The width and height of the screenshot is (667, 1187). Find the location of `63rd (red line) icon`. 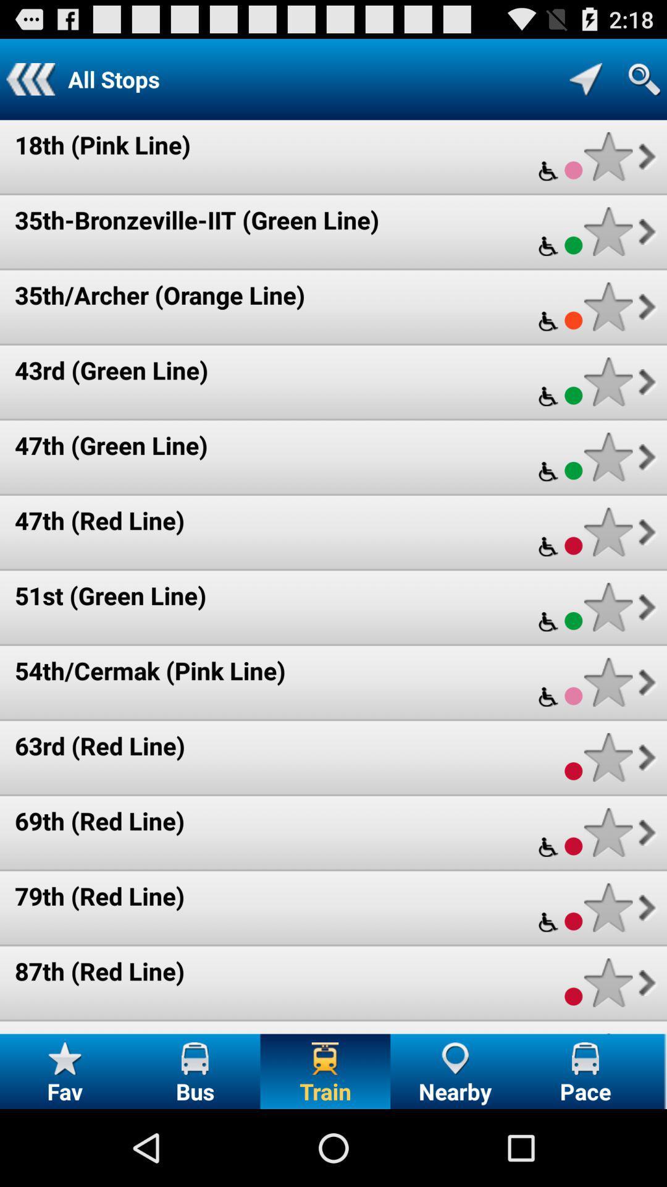

63rd (red line) icon is located at coordinates (99, 745).